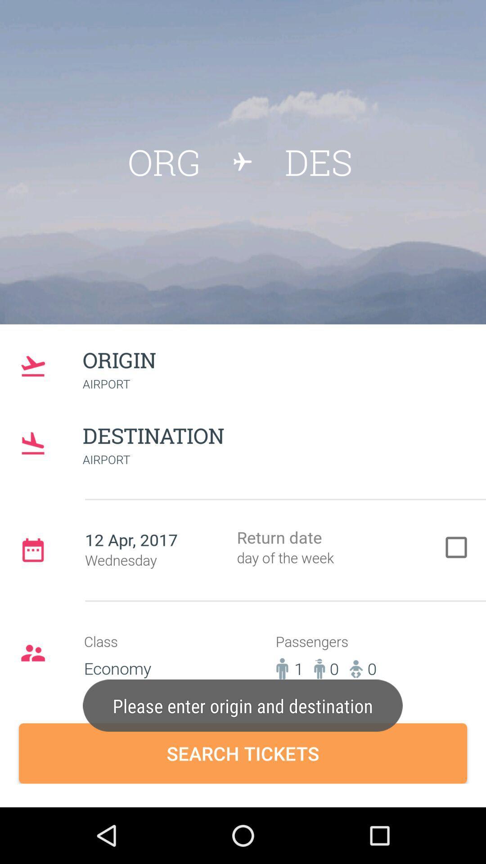 The image size is (486, 864). I want to click on the check box of return date, so click(341, 549).